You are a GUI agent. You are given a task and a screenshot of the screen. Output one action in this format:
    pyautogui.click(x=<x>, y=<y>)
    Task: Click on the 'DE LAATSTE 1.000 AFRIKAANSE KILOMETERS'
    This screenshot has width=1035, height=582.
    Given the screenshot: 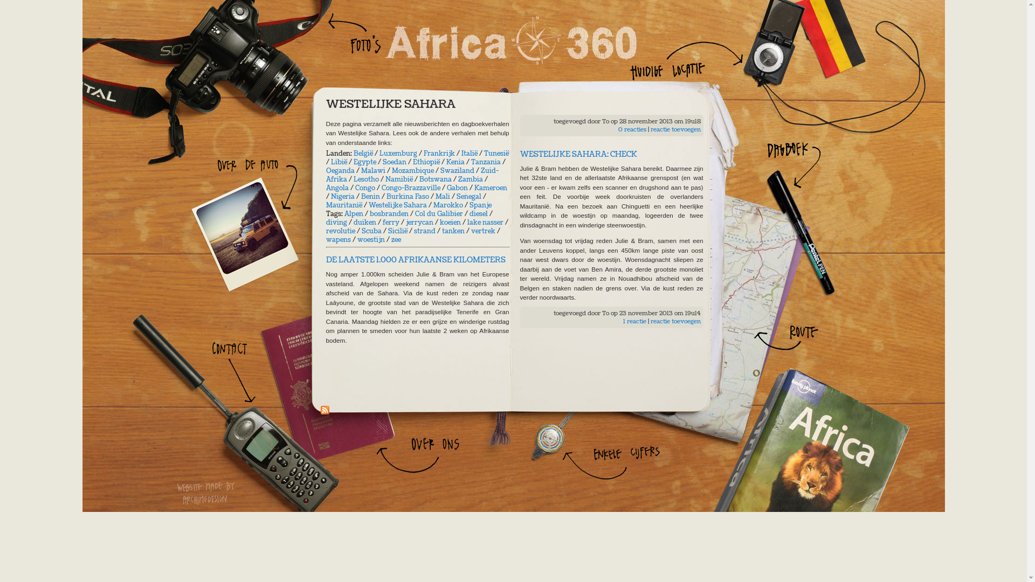 What is the action you would take?
    pyautogui.click(x=325, y=260)
    